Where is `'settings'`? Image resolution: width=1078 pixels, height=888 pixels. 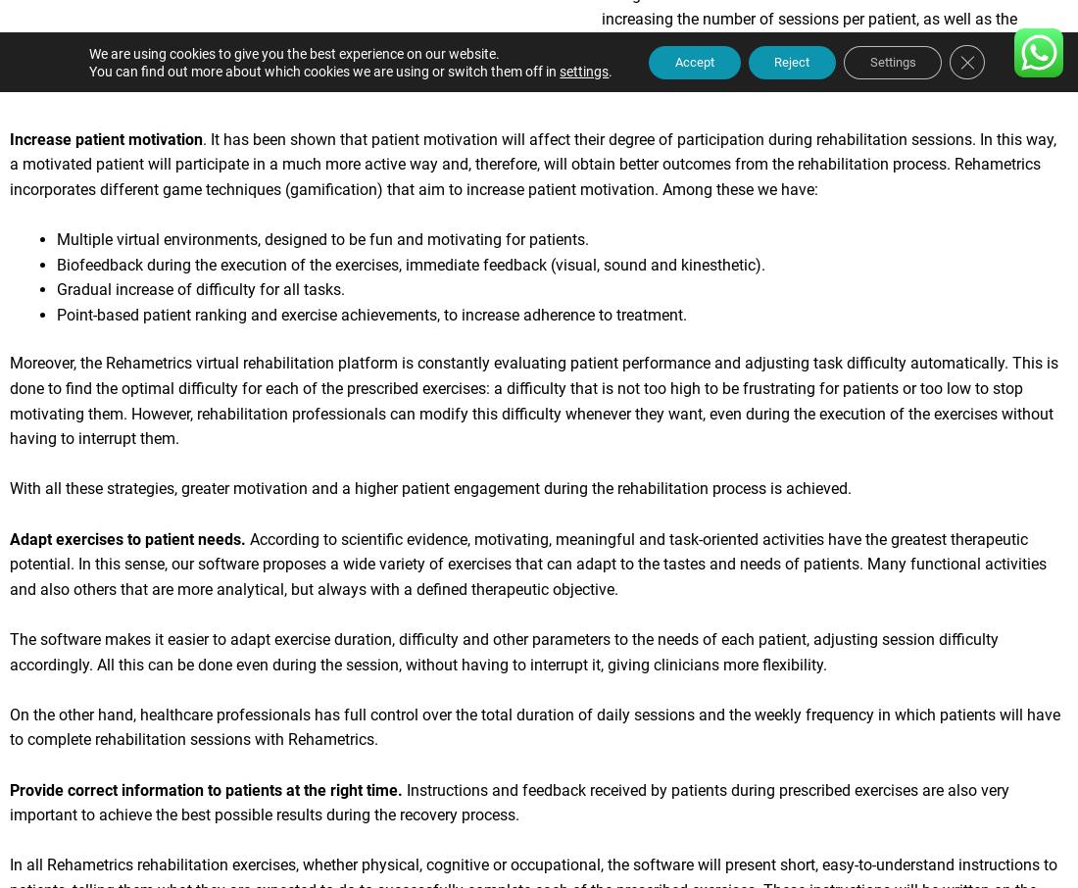 'settings' is located at coordinates (544, 71).